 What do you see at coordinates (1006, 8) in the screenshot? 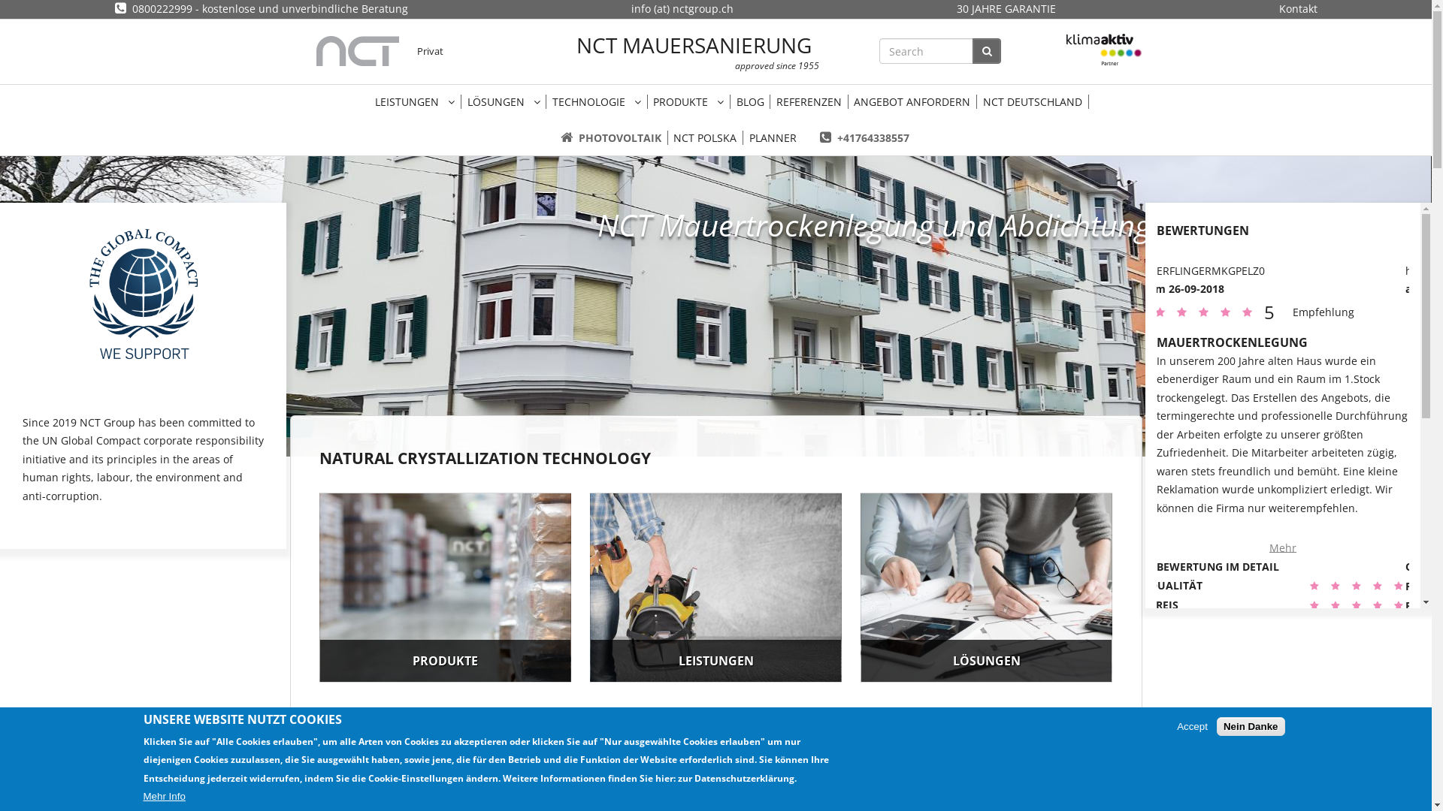
I see `'30 JAHRE GARANTIE'` at bounding box center [1006, 8].